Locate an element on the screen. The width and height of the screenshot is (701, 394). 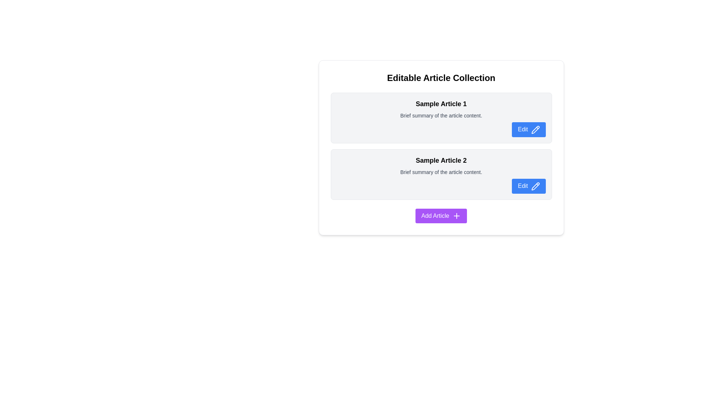
the 'Edit' button with a pencil icon on the right side, located in the bottom-right corner of the 'Sample Article 2' section, to observe its color change effect is located at coordinates (529, 186).